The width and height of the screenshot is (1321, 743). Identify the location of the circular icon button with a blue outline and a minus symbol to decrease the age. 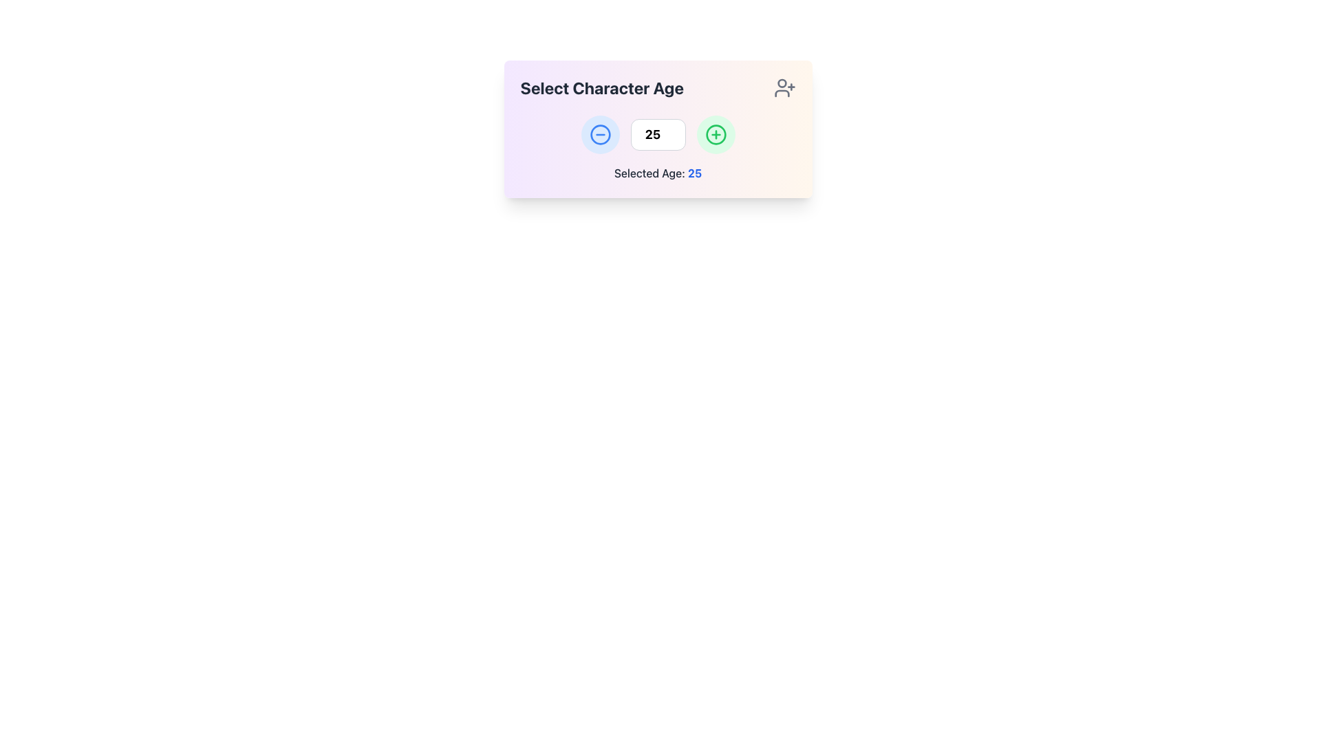
(600, 135).